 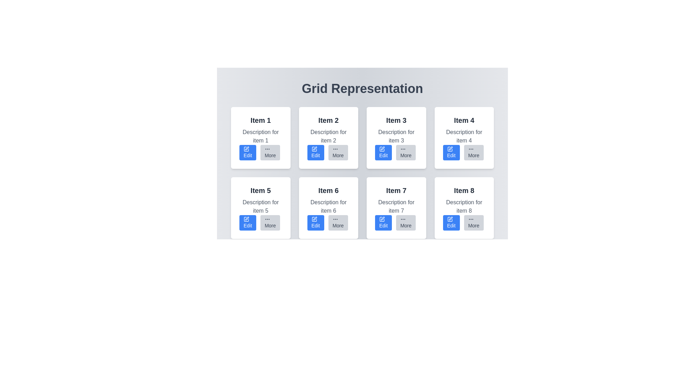 What do you see at coordinates (383, 152) in the screenshot?
I see `the leftmost button in the 'Item 3' card to change its appearance` at bounding box center [383, 152].